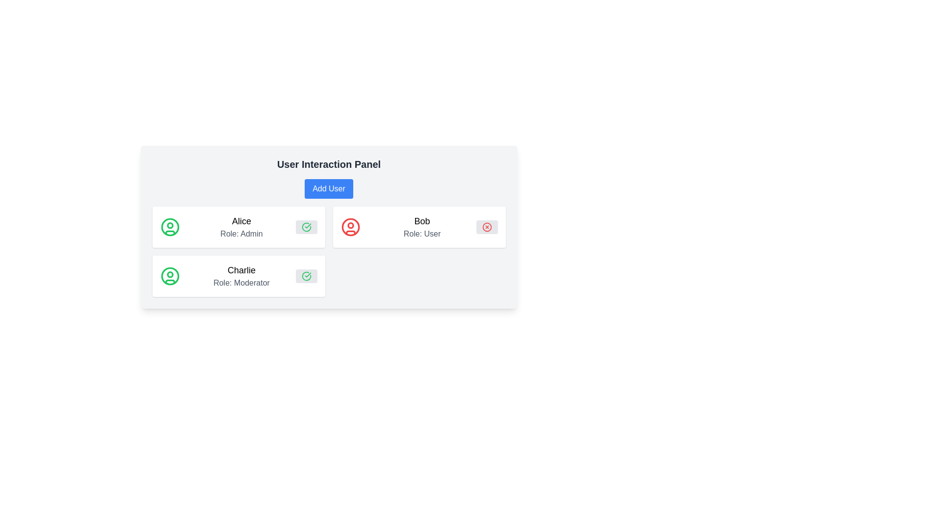  I want to click on the text-based user information display that showcases the username and role of an individual, located in the second card of a vertical list of user cards, so click(422, 227).